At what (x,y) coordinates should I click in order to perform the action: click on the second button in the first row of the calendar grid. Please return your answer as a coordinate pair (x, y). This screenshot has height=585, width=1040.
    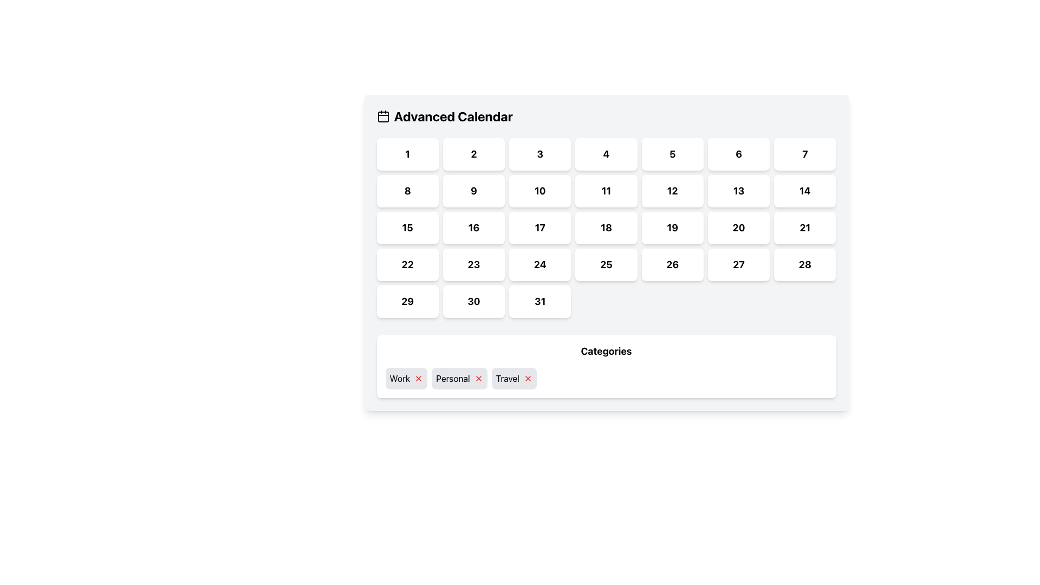
    Looking at the image, I should click on (473, 154).